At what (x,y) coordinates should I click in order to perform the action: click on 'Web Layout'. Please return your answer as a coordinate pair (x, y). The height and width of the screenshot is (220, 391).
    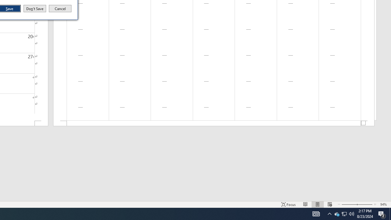
    Looking at the image, I should click on (329, 204).